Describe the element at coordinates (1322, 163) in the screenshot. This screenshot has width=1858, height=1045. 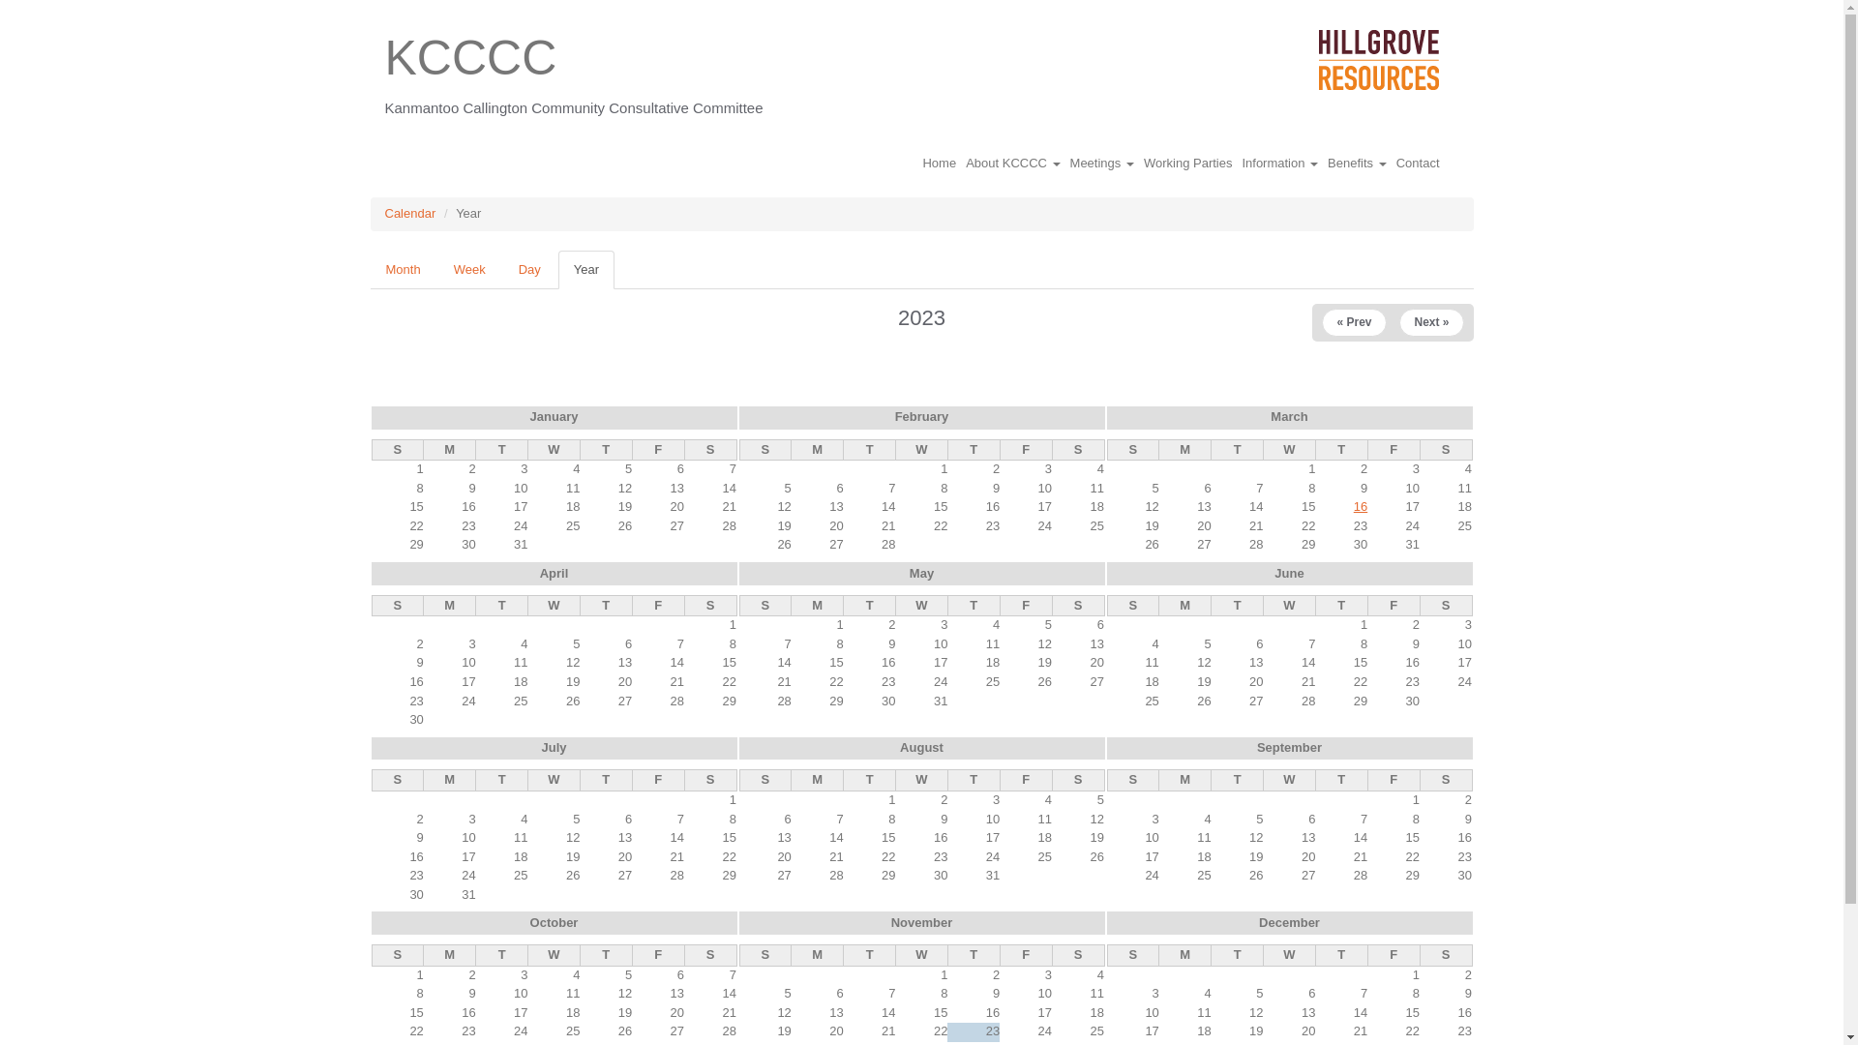
I see `'Benefits'` at that location.